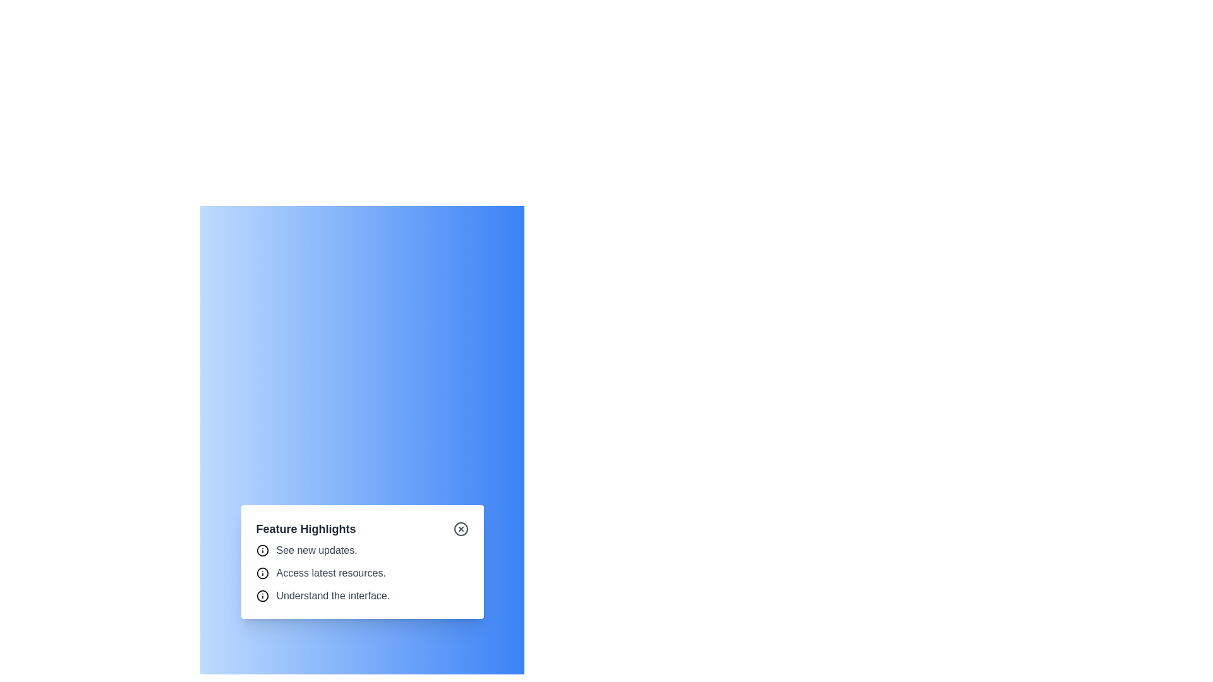 The image size is (1213, 682). What do you see at coordinates (361, 596) in the screenshot?
I see `the icon of the third item in the 'Feature Highlights' list` at bounding box center [361, 596].